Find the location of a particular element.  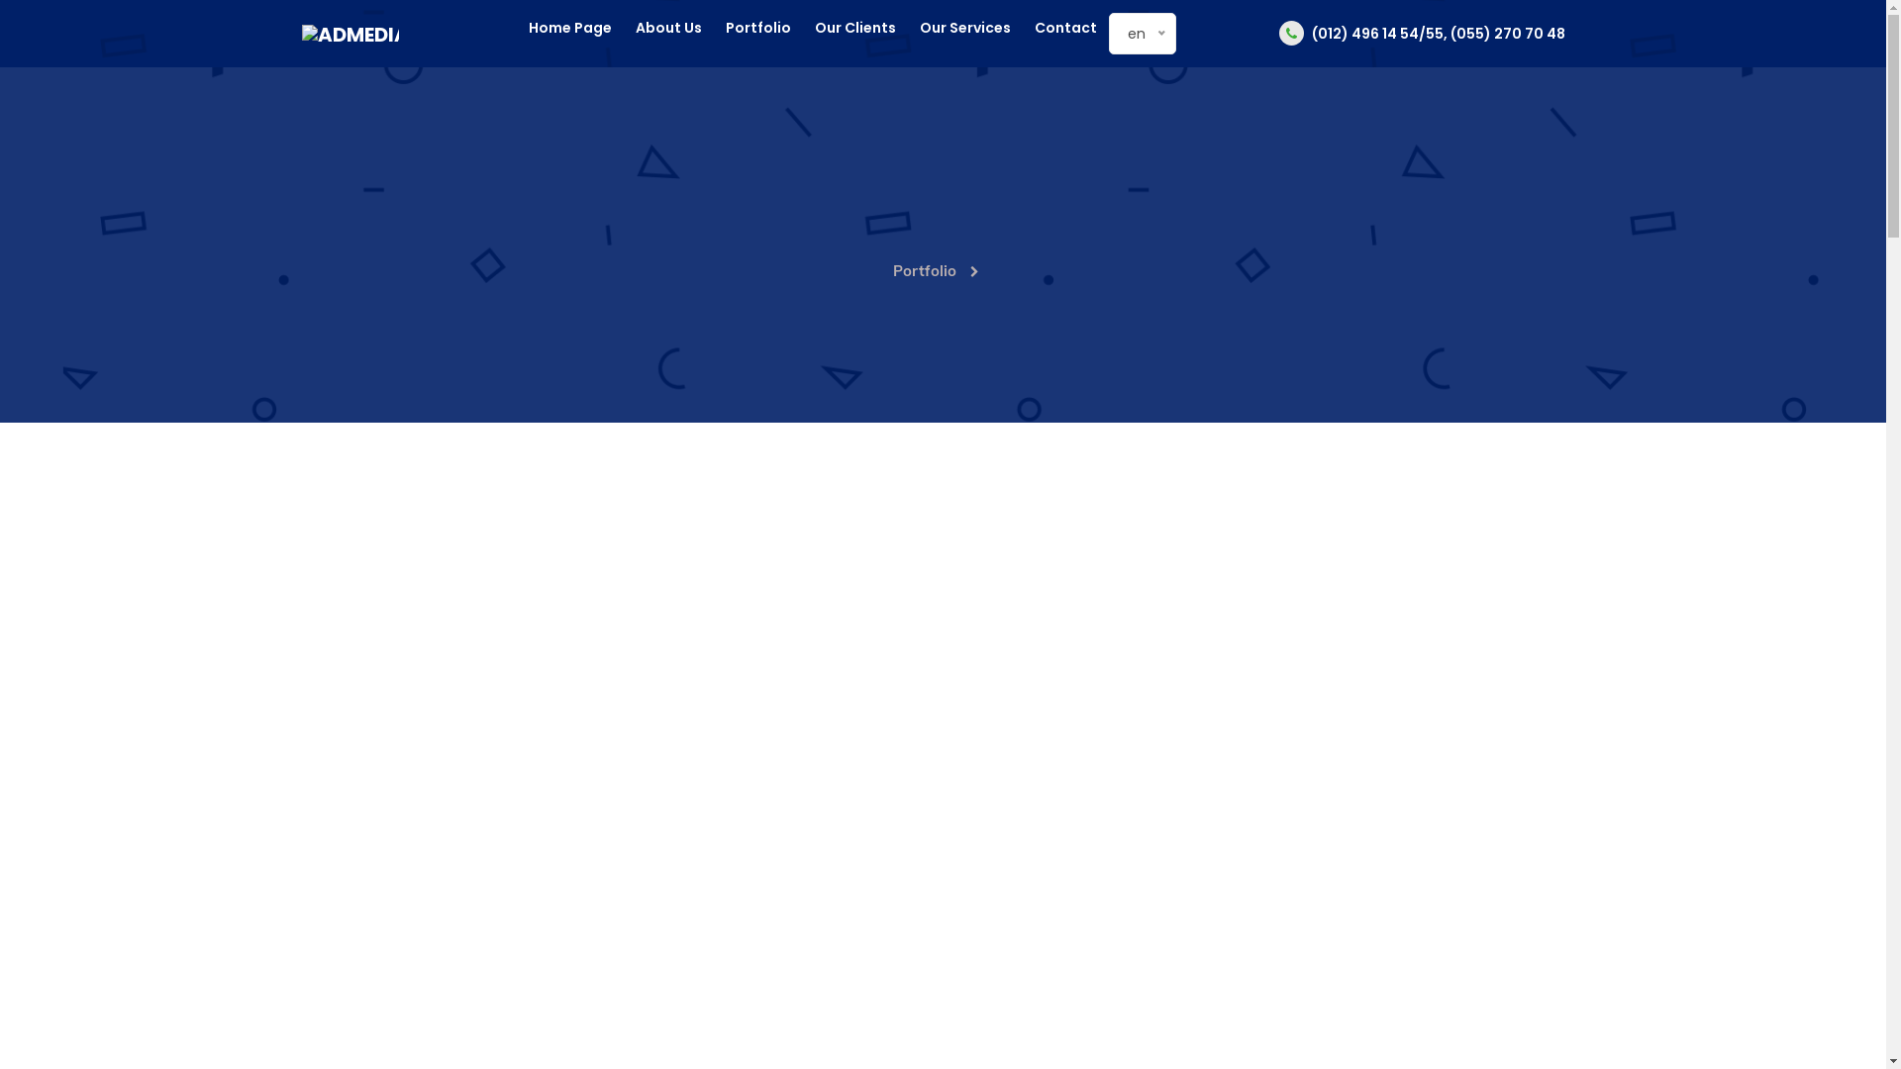

'Home Page' is located at coordinates (569, 28).